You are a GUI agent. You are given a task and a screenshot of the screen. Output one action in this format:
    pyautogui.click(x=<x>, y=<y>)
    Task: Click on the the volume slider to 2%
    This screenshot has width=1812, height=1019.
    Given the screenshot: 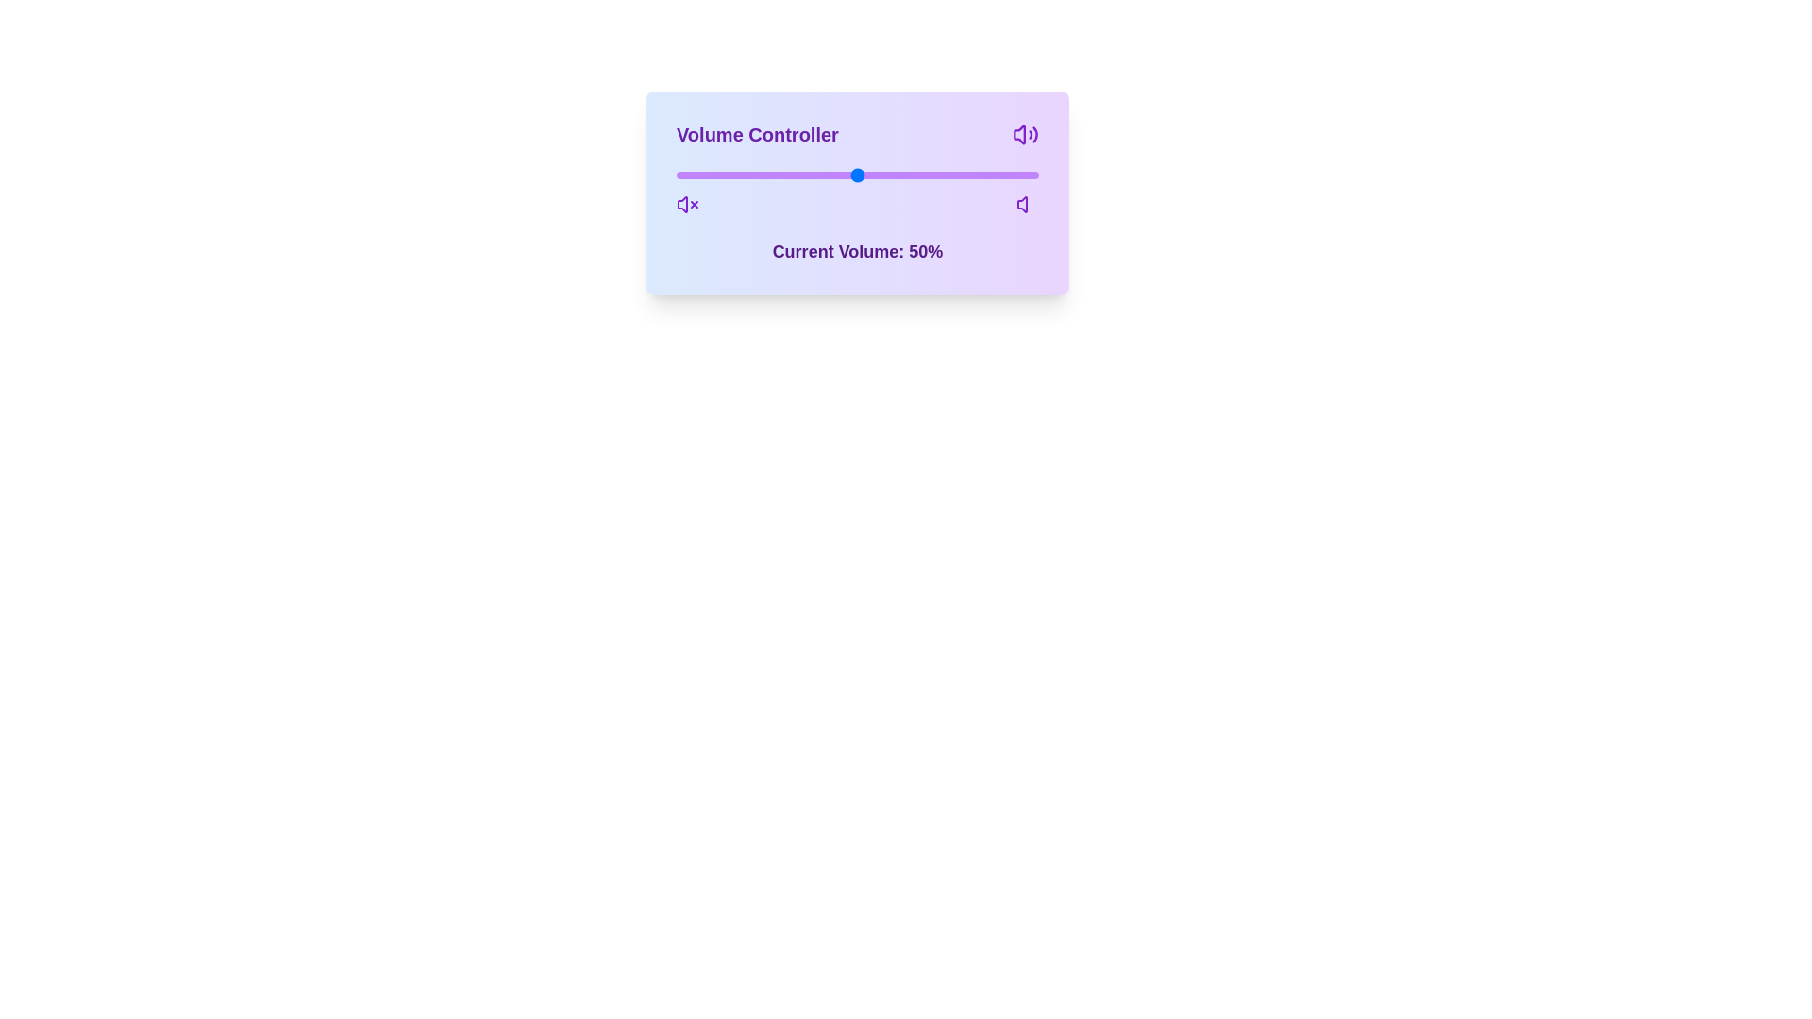 What is the action you would take?
    pyautogui.click(x=682, y=175)
    